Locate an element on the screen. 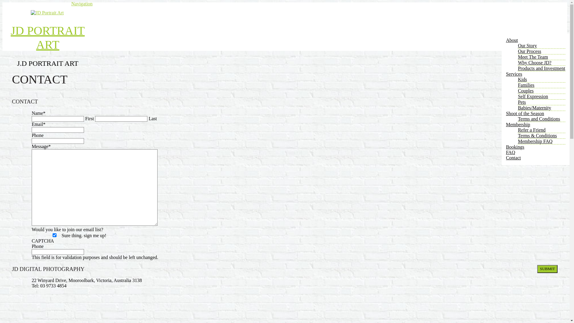  'Shoot of the Season' is located at coordinates (525, 113).